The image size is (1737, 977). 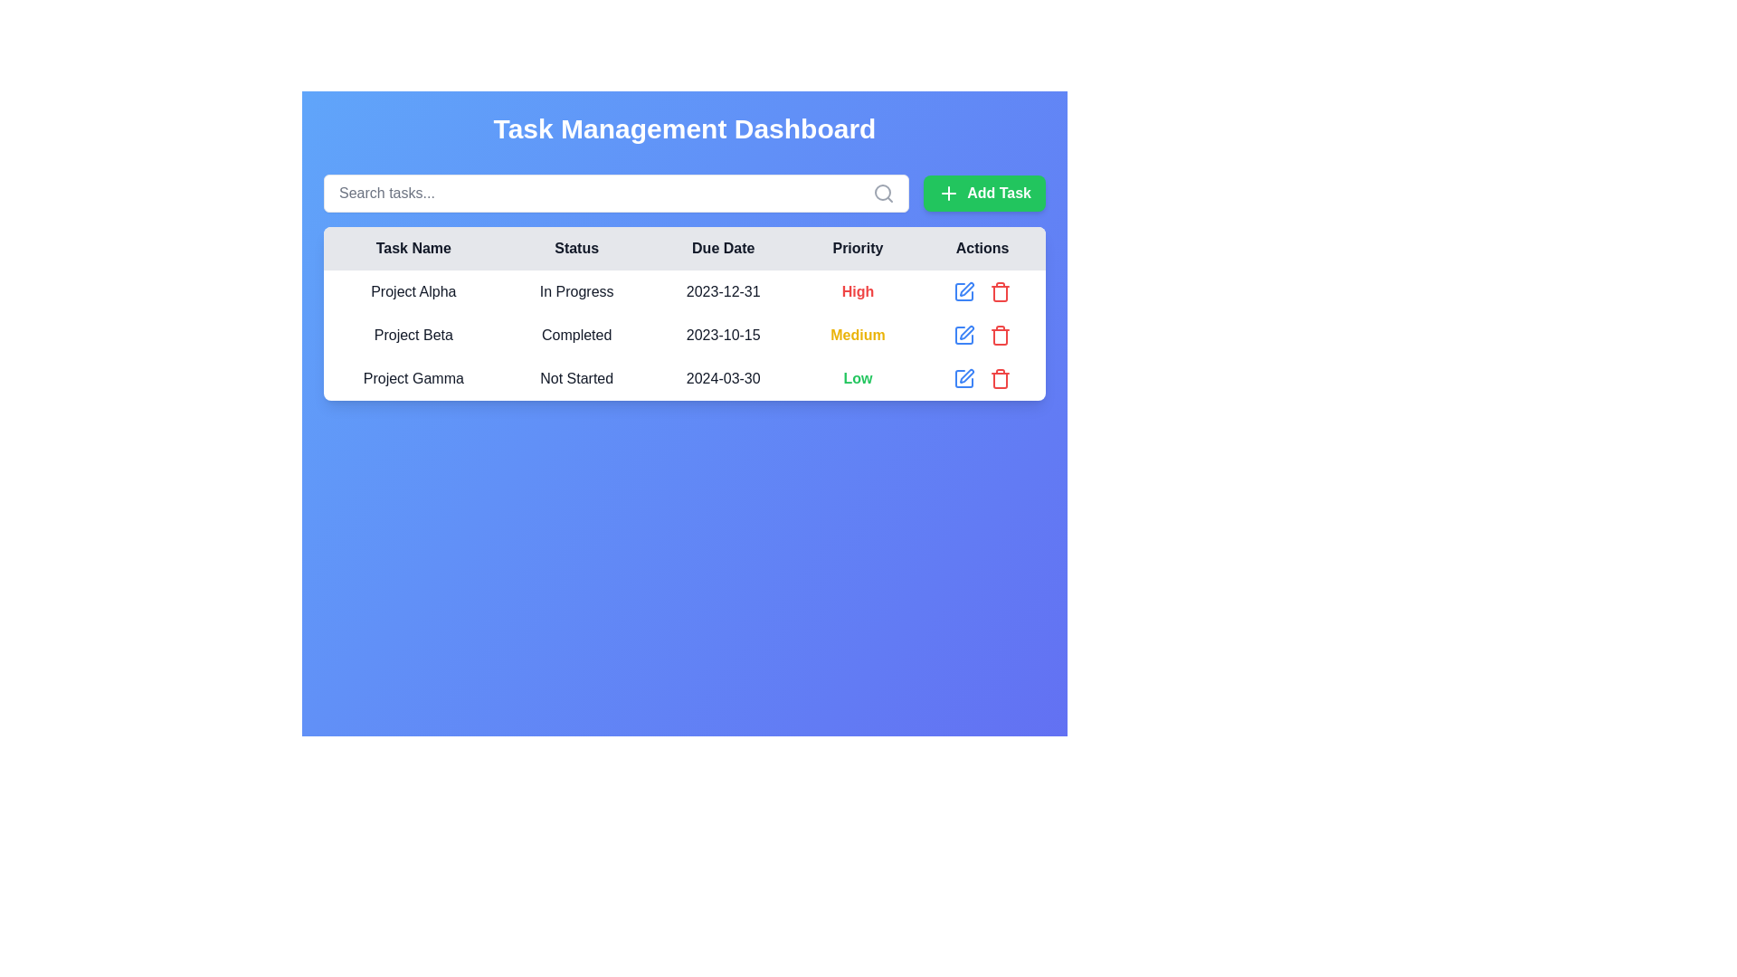 I want to click on the delete action button, which is the second icon in the 'Actions' cell of the second row in the table, so click(x=1000, y=291).